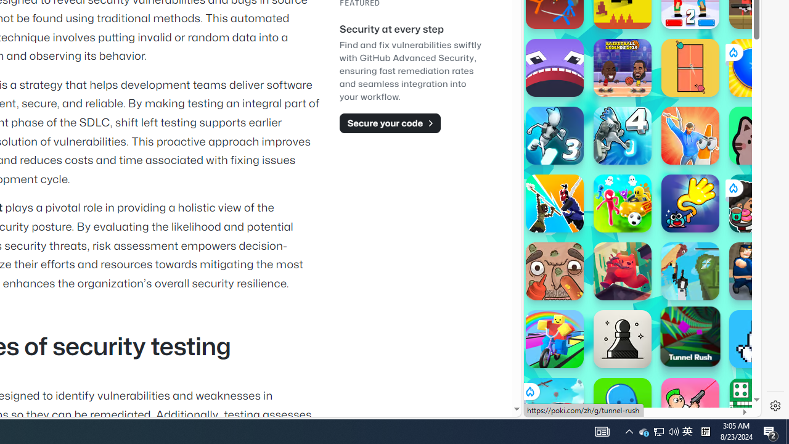  Describe the element at coordinates (690, 68) in the screenshot. I see `'Ping Pong'` at that location.